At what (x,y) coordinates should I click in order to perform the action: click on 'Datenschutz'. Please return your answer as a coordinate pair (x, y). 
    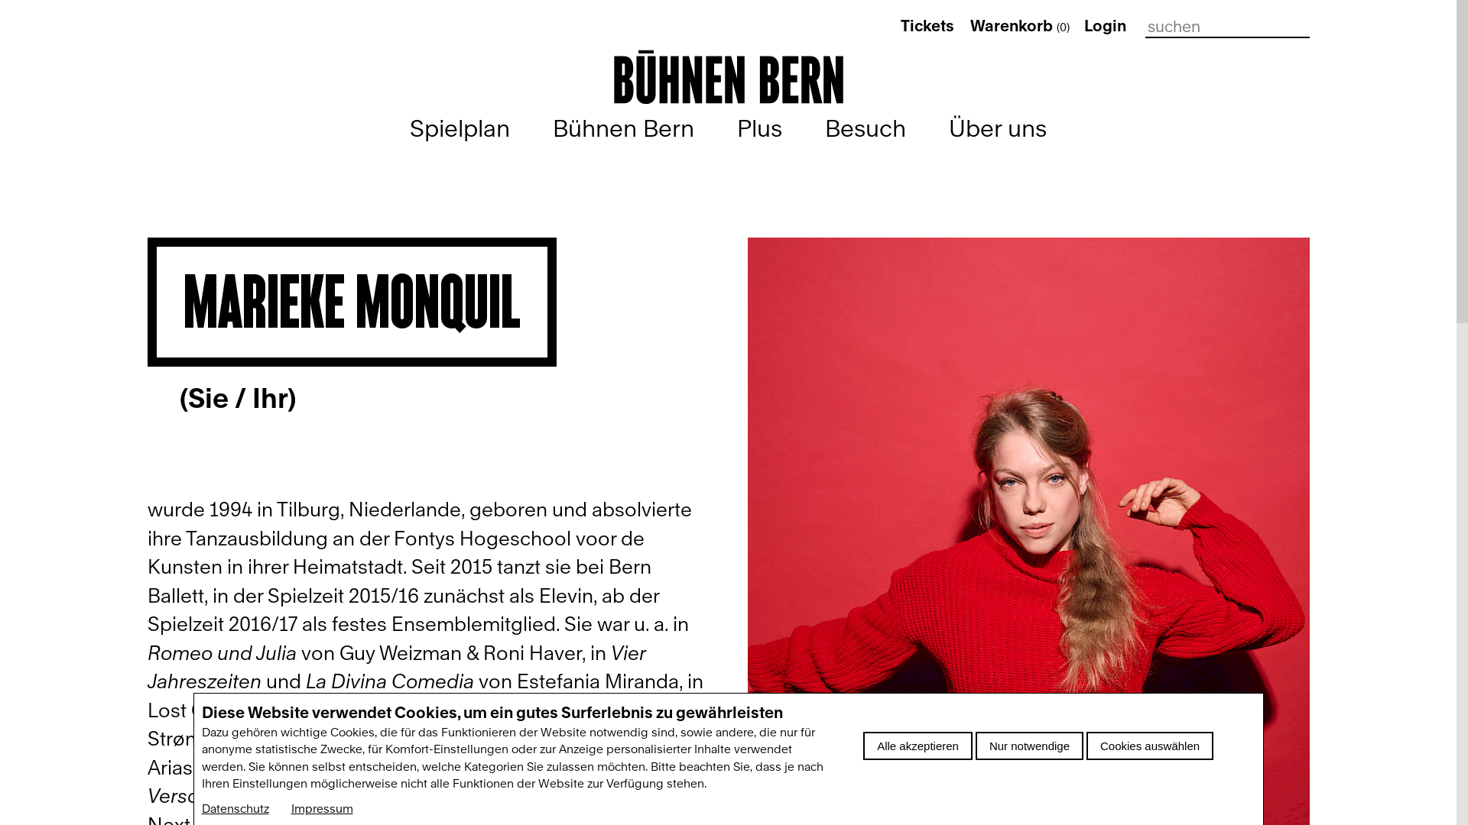
    Looking at the image, I should click on (234, 808).